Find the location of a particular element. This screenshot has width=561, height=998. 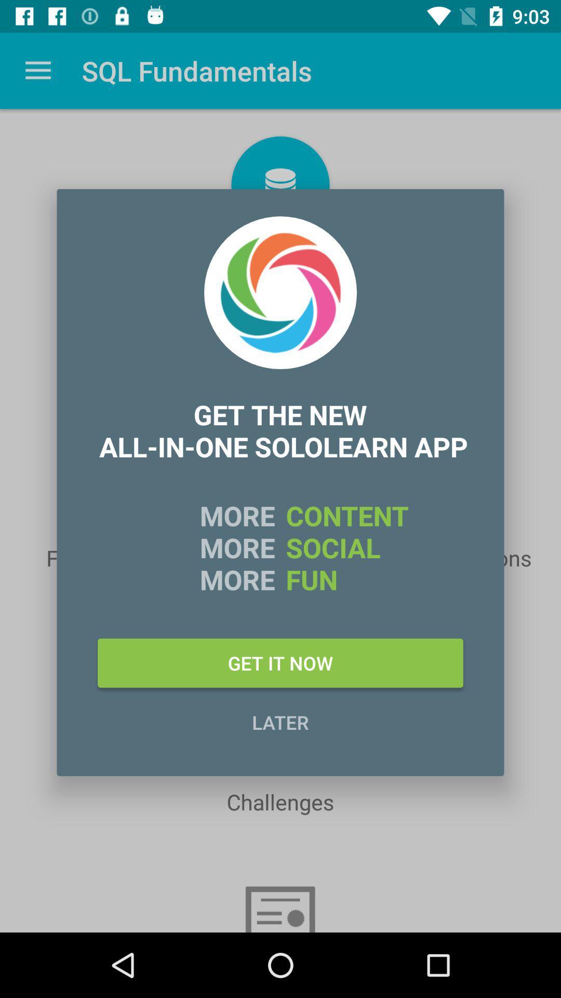

the get it now is located at coordinates (280, 662).